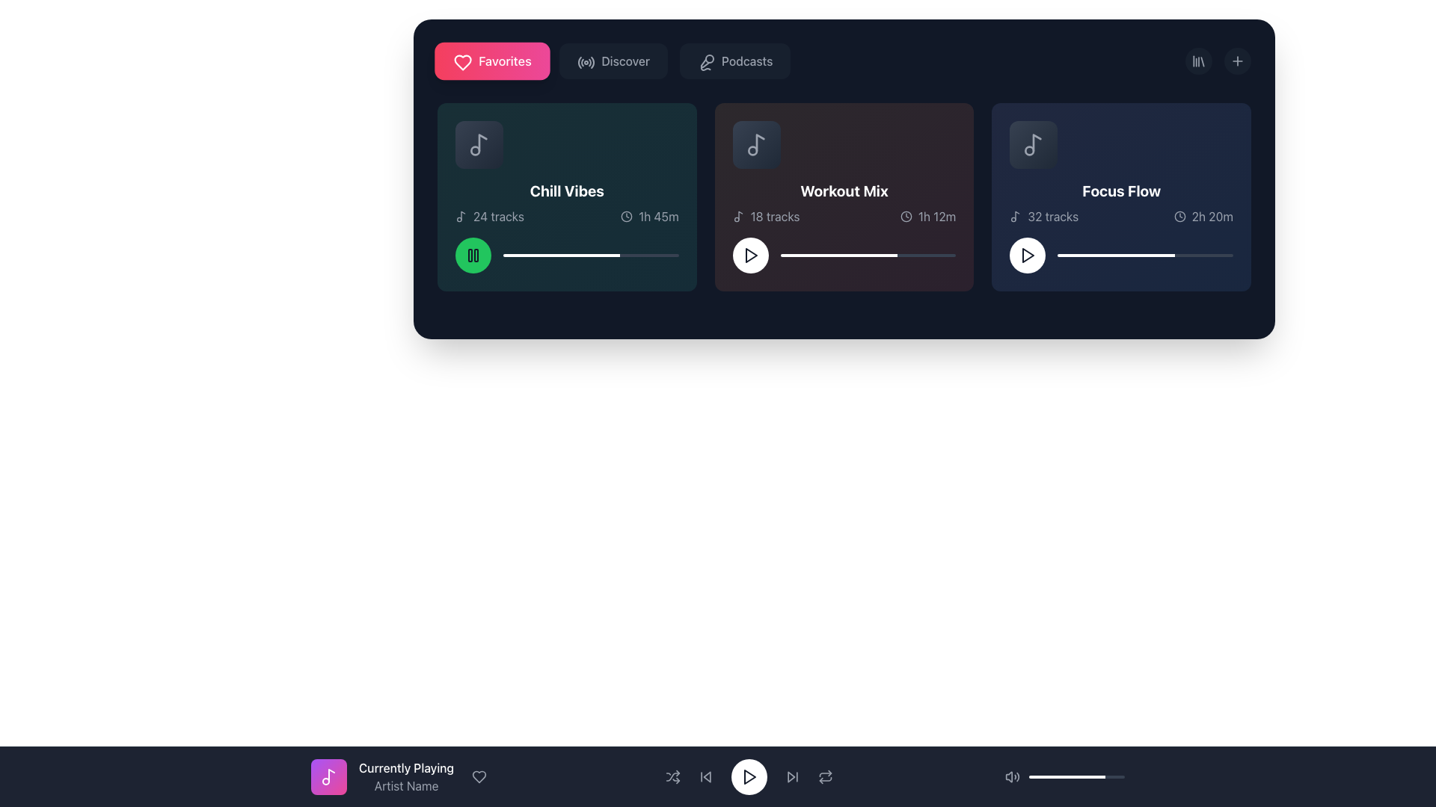 This screenshot has height=807, width=1436. I want to click on the inner segment of the progress bar that indicates audio playback progress, located near the bottom of the interface, so click(1067, 776).